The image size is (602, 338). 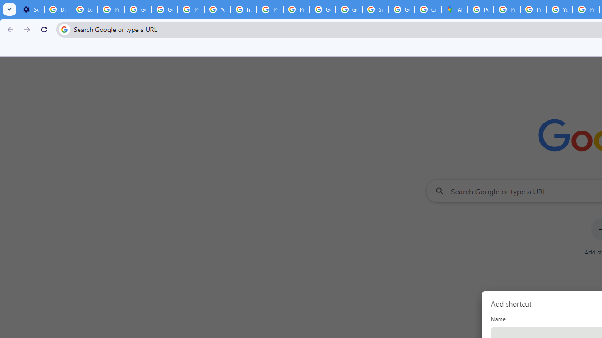 What do you see at coordinates (506, 9) in the screenshot?
I see `'Privacy Help Center - Policies Help'` at bounding box center [506, 9].